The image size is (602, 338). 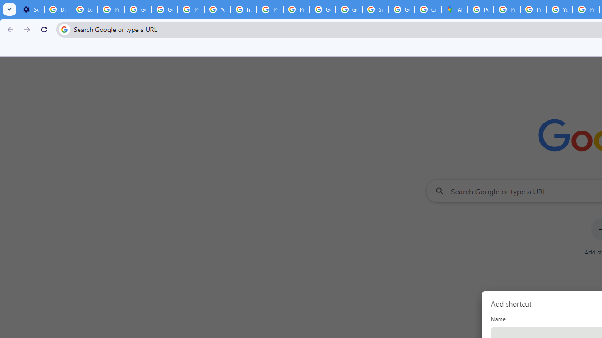 What do you see at coordinates (506, 9) in the screenshot?
I see `'Privacy Help Center - Policies Help'` at bounding box center [506, 9].